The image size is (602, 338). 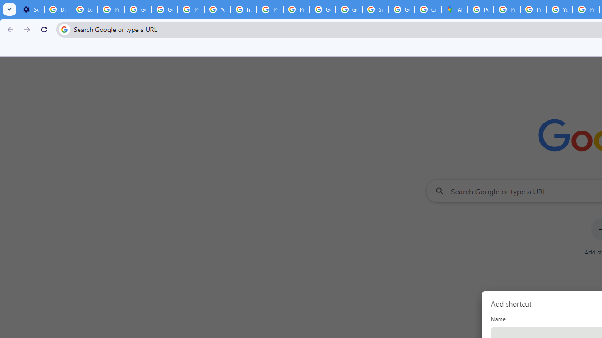 What do you see at coordinates (506, 9) in the screenshot?
I see `'Privacy Help Center - Policies Help'` at bounding box center [506, 9].